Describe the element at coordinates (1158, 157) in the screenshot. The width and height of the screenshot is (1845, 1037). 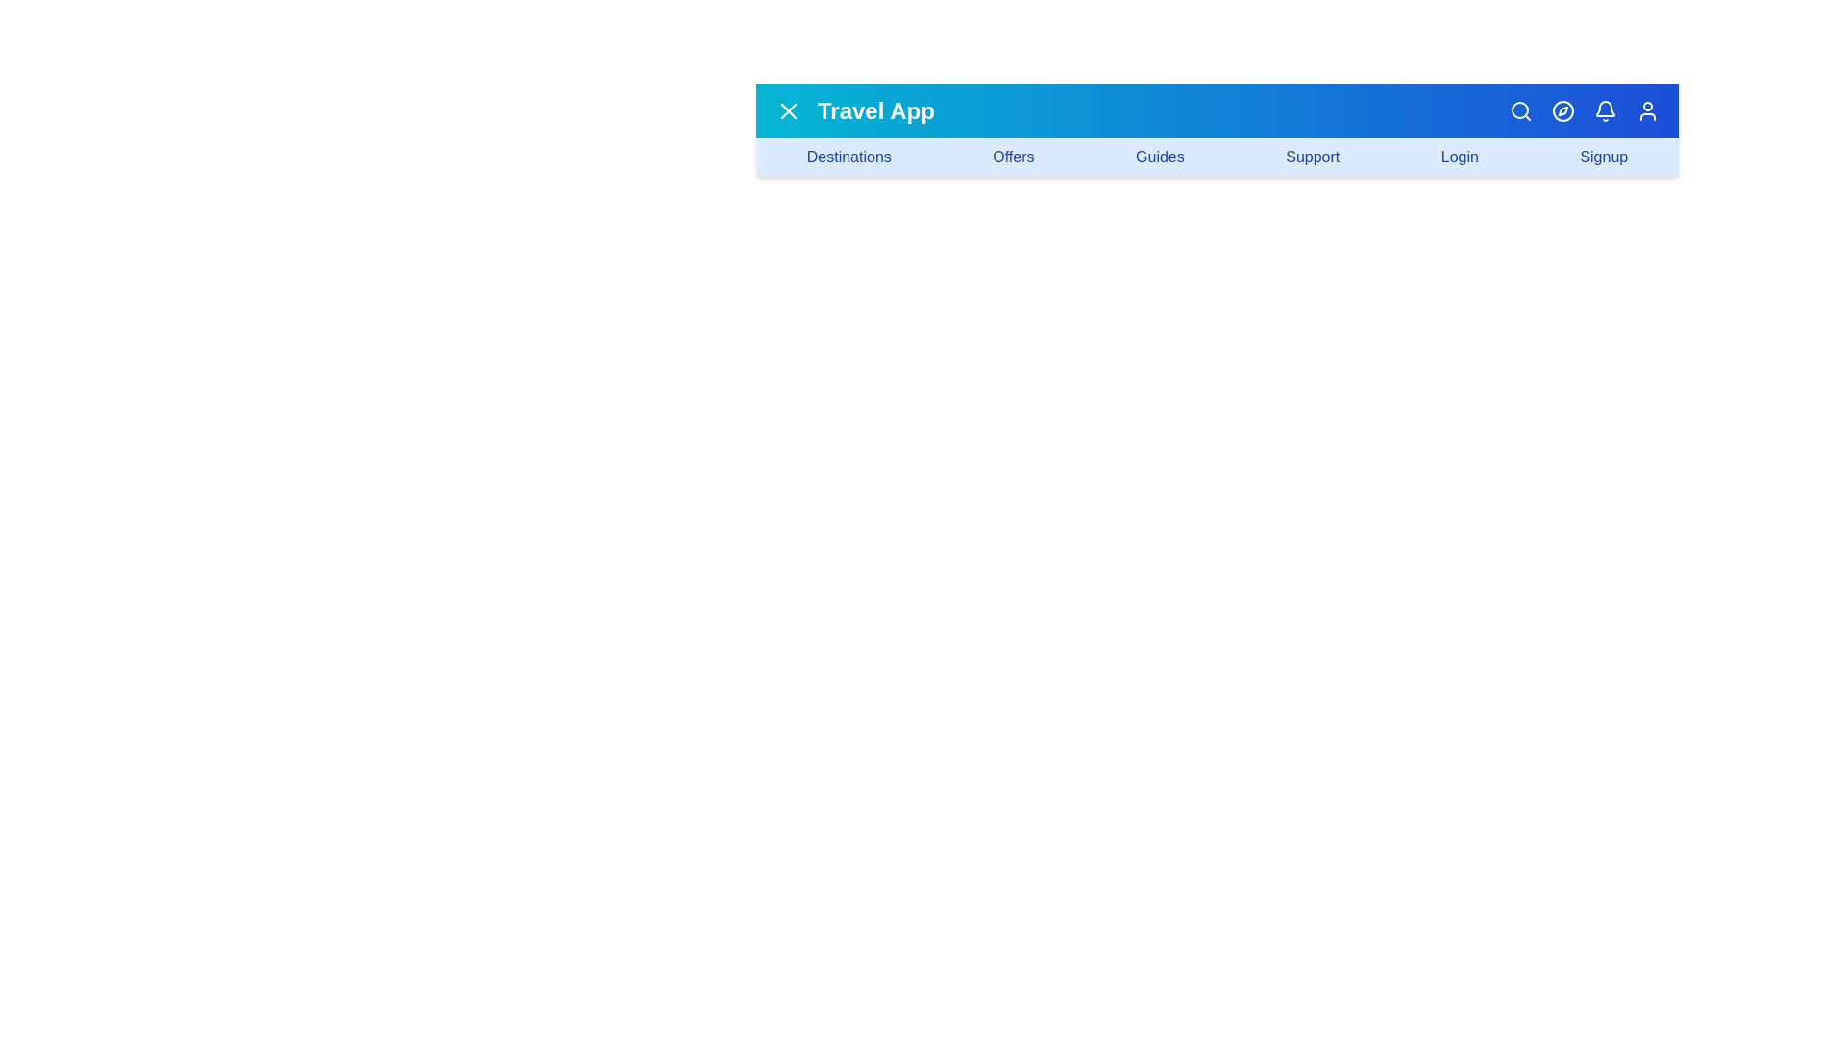
I see `the navigation link labeled 'Guides'` at that location.